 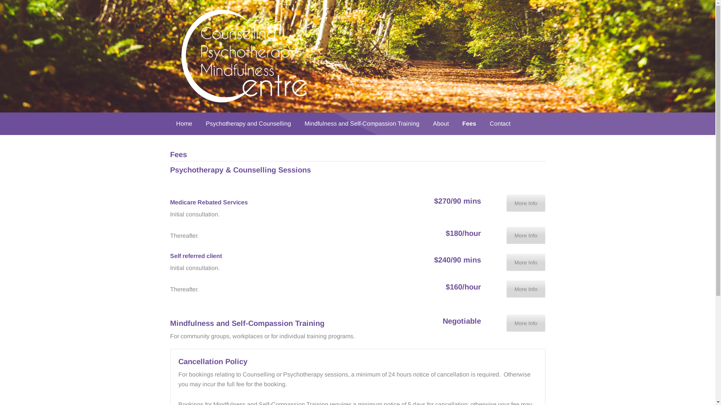 I want to click on 'Psychotherapy and Counselling', so click(x=248, y=123).